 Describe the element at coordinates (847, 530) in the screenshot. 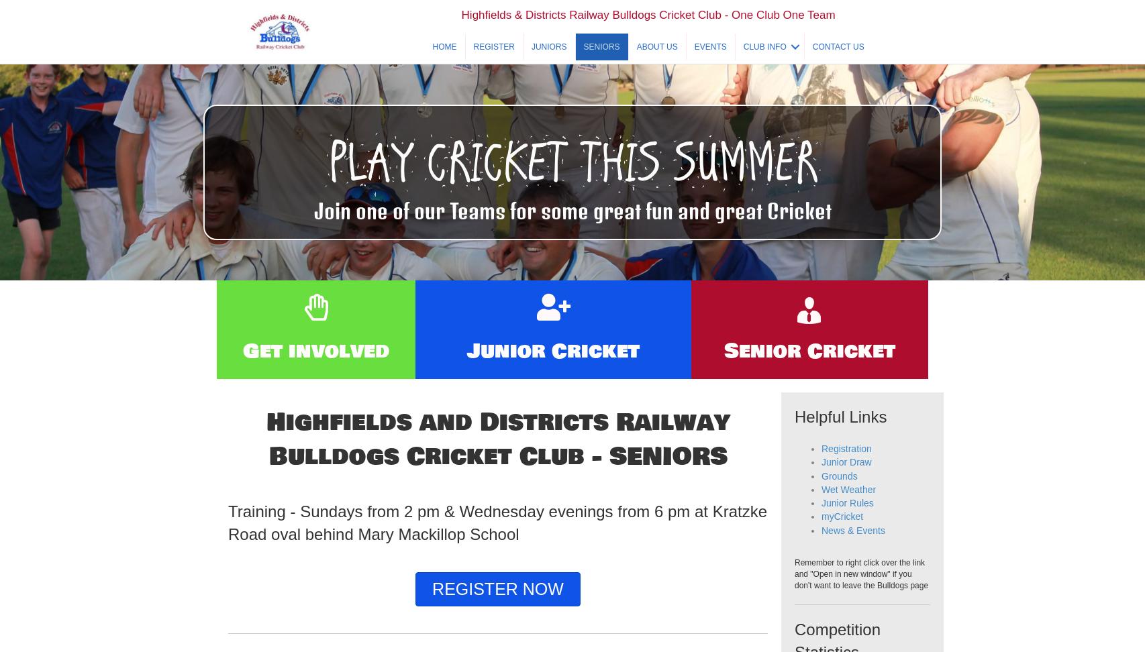

I see `'Junior Rules'` at that location.